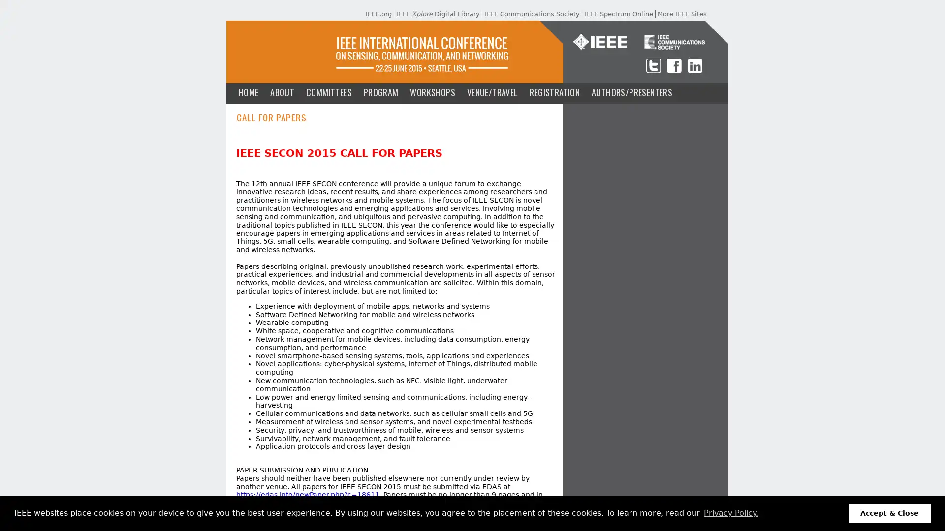 The width and height of the screenshot is (945, 531). Describe the element at coordinates (730, 513) in the screenshot. I see `learn more about cookies` at that location.